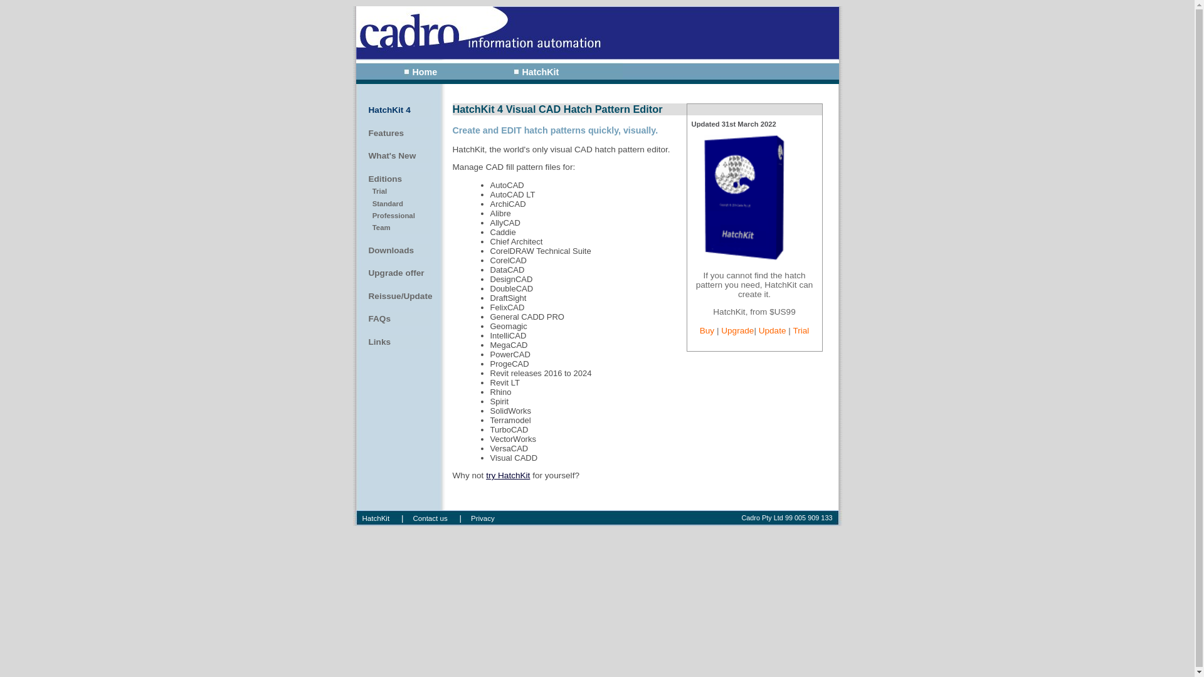 The width and height of the screenshot is (1204, 677). What do you see at coordinates (737, 330) in the screenshot?
I see `'Upgrade'` at bounding box center [737, 330].